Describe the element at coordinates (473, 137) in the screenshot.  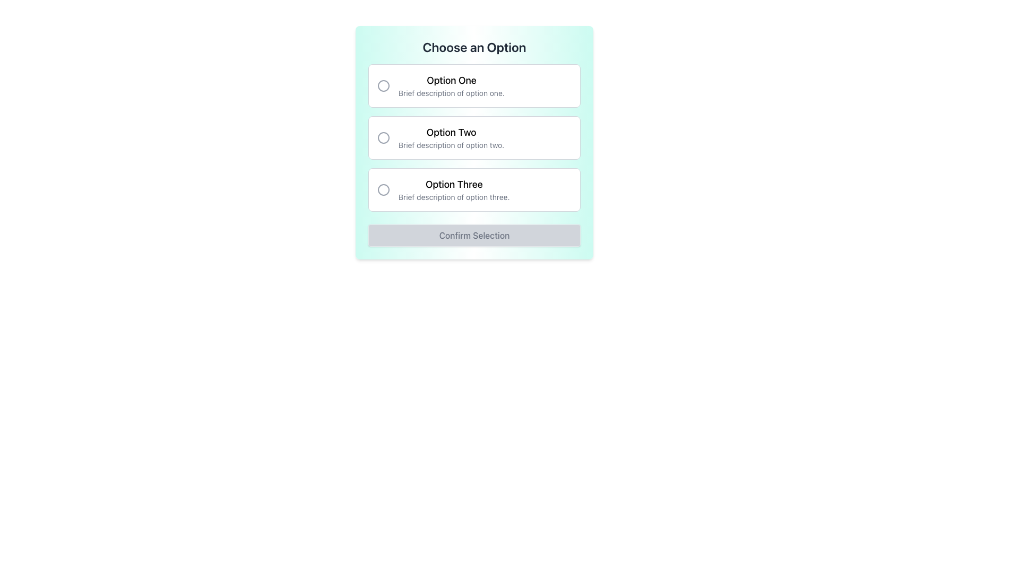
I see `description of the second selectable option in the form located under the heading 'Choose an Option', which is represented by its radio button or surrounding area` at that location.